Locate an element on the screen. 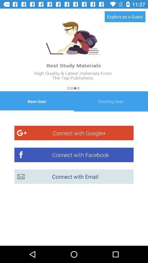  the explore as a is located at coordinates (125, 16).